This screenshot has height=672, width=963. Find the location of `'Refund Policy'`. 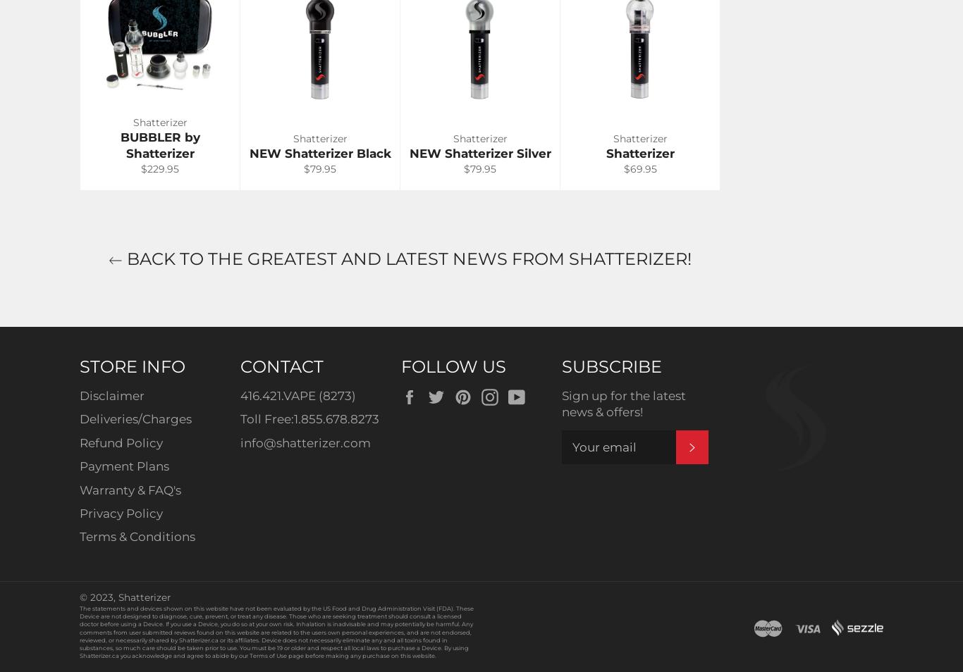

'Refund Policy' is located at coordinates (120, 442).